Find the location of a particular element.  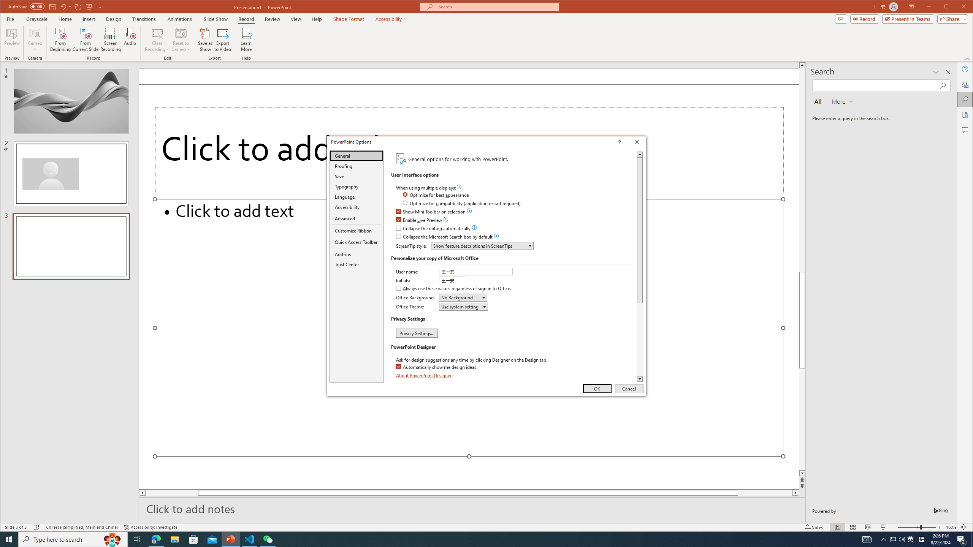

'Optimize for compatibility (application restart required)' is located at coordinates (462, 204).